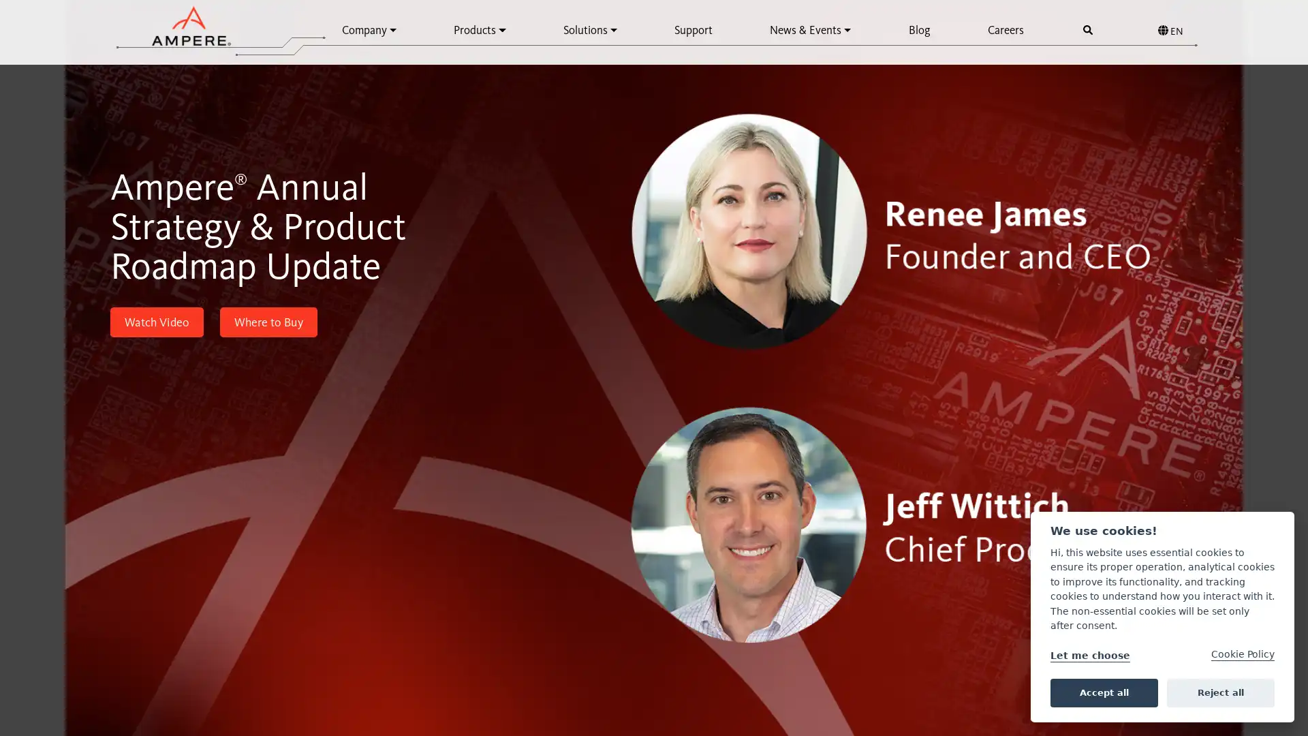 The width and height of the screenshot is (1308, 736). What do you see at coordinates (1087, 31) in the screenshot?
I see `Search` at bounding box center [1087, 31].